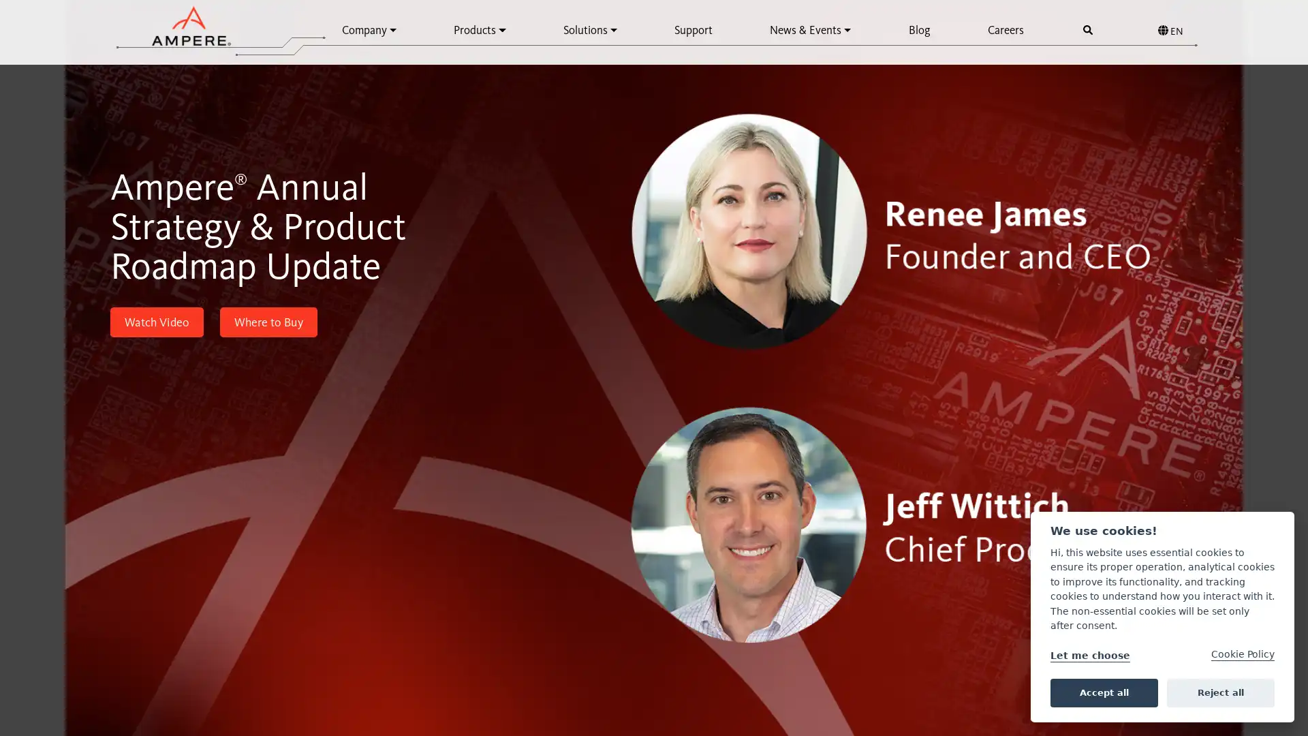 The width and height of the screenshot is (1308, 736). What do you see at coordinates (1087, 31) in the screenshot?
I see `Search` at bounding box center [1087, 31].